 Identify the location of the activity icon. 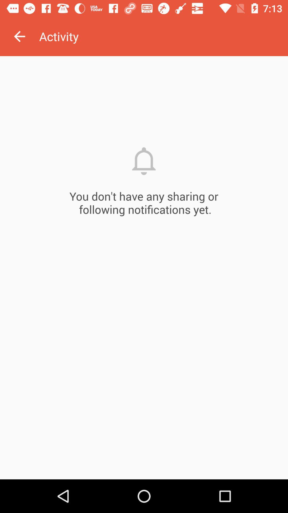
(163, 36).